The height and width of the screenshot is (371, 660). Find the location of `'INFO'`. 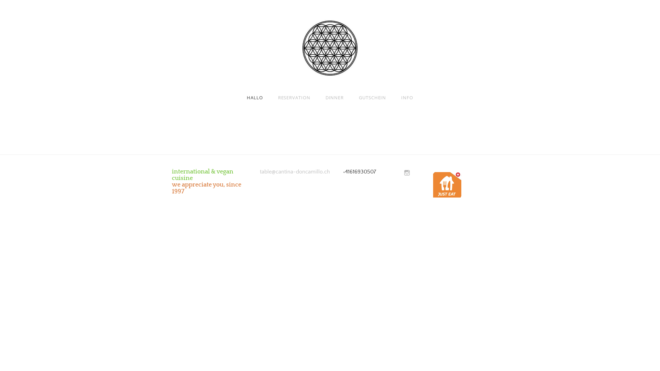

'INFO' is located at coordinates (407, 98).